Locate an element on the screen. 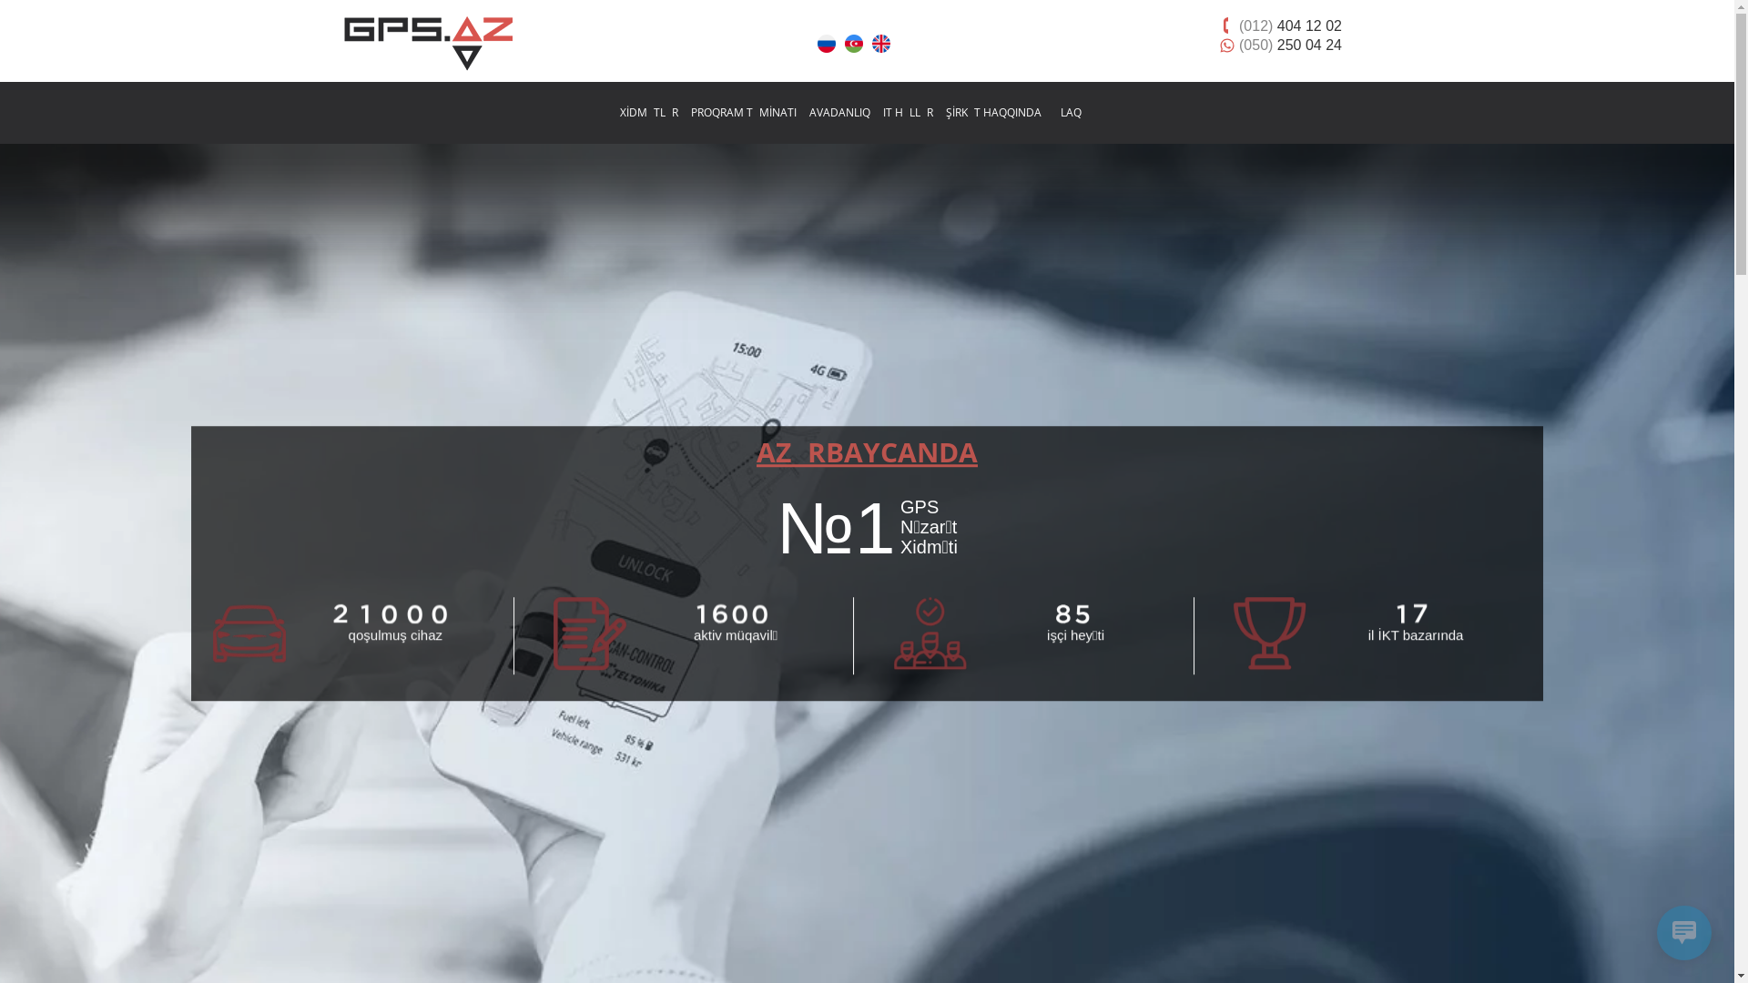 Image resolution: width=1748 pixels, height=983 pixels. 'AVADANLIQ' is located at coordinates (838, 112).